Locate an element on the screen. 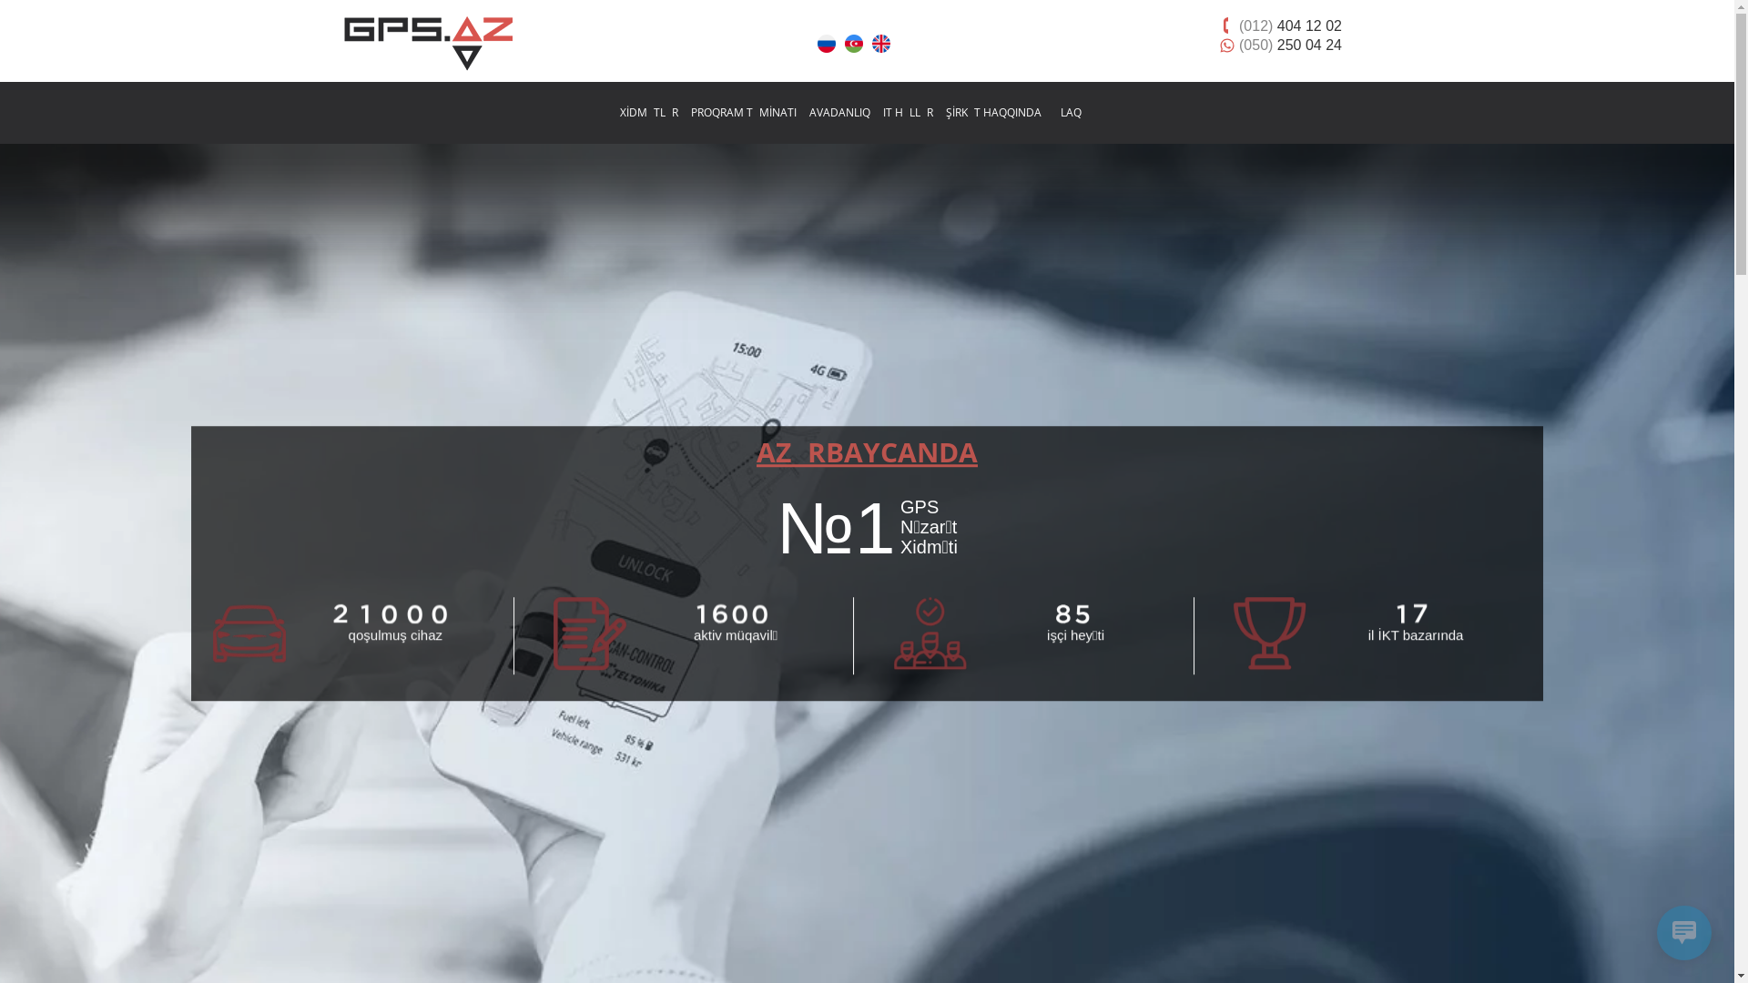 Image resolution: width=1748 pixels, height=983 pixels. 'AVADANLIQ' is located at coordinates (838, 112).